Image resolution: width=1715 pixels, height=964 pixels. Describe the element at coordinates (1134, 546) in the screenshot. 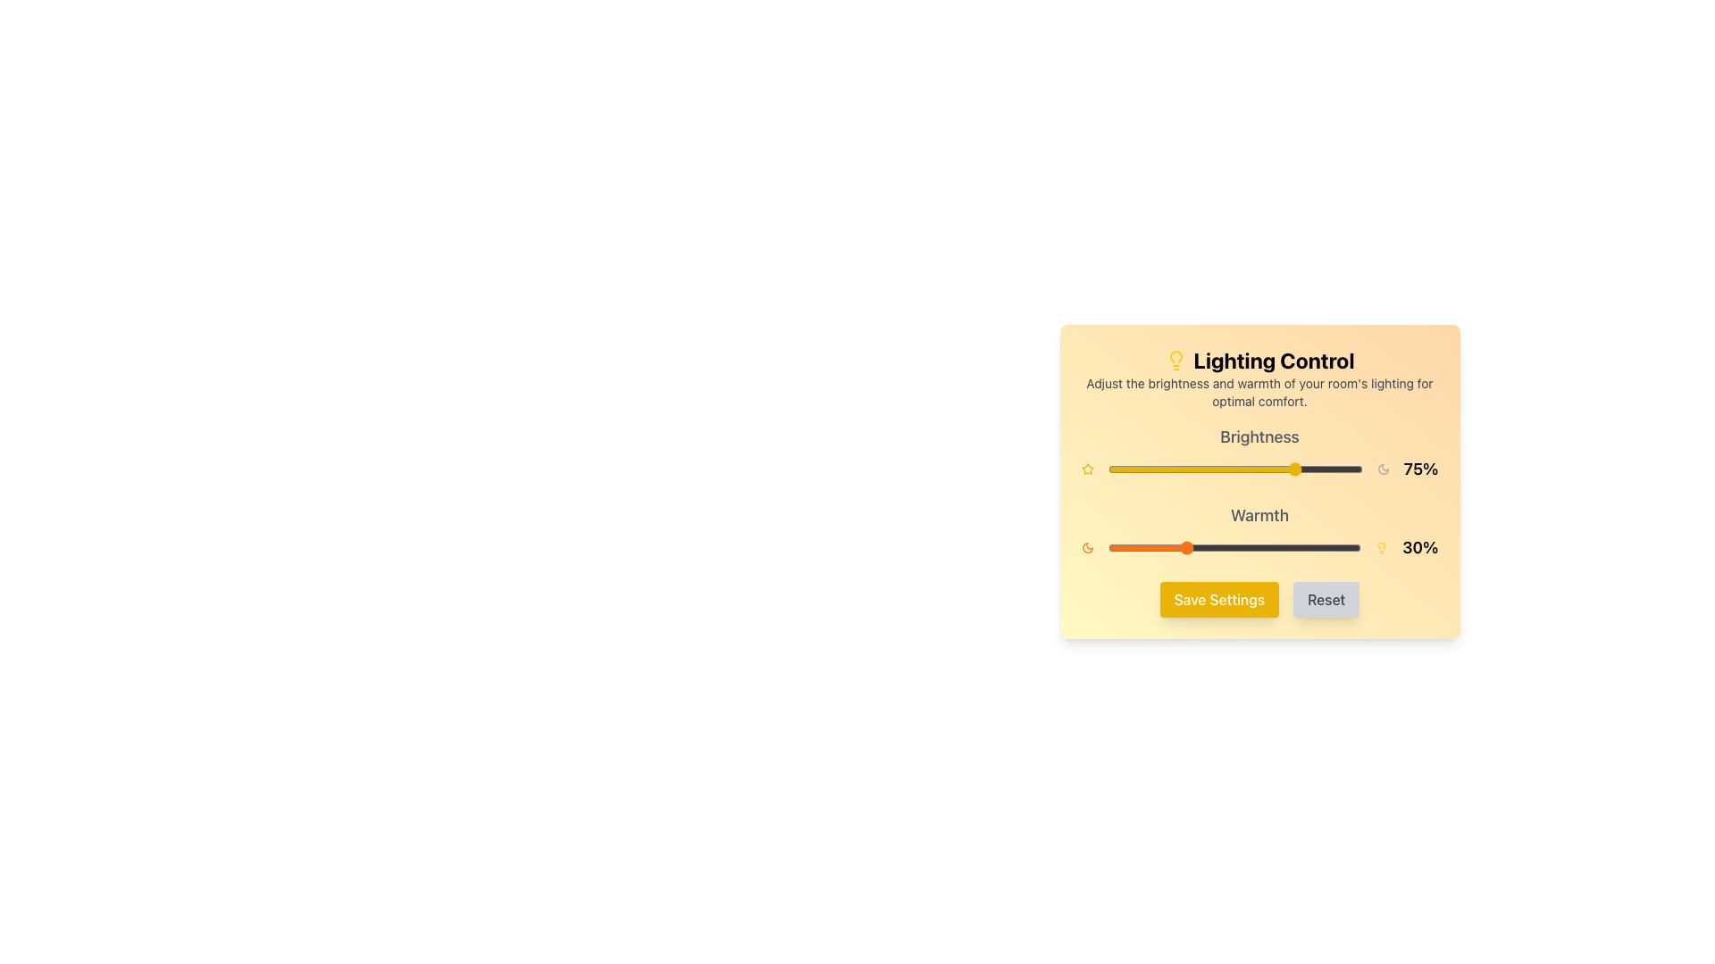

I see `warmth` at that location.